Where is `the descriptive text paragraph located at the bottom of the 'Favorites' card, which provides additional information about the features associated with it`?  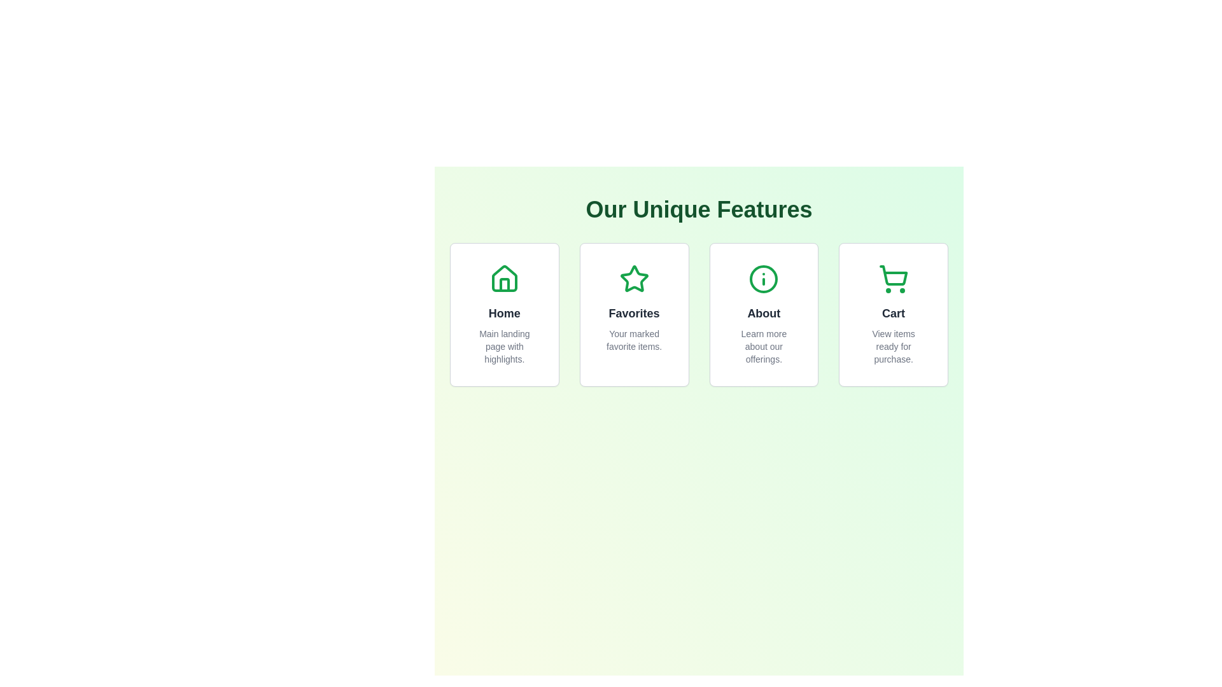 the descriptive text paragraph located at the bottom of the 'Favorites' card, which provides additional information about the features associated with it is located at coordinates (634, 340).